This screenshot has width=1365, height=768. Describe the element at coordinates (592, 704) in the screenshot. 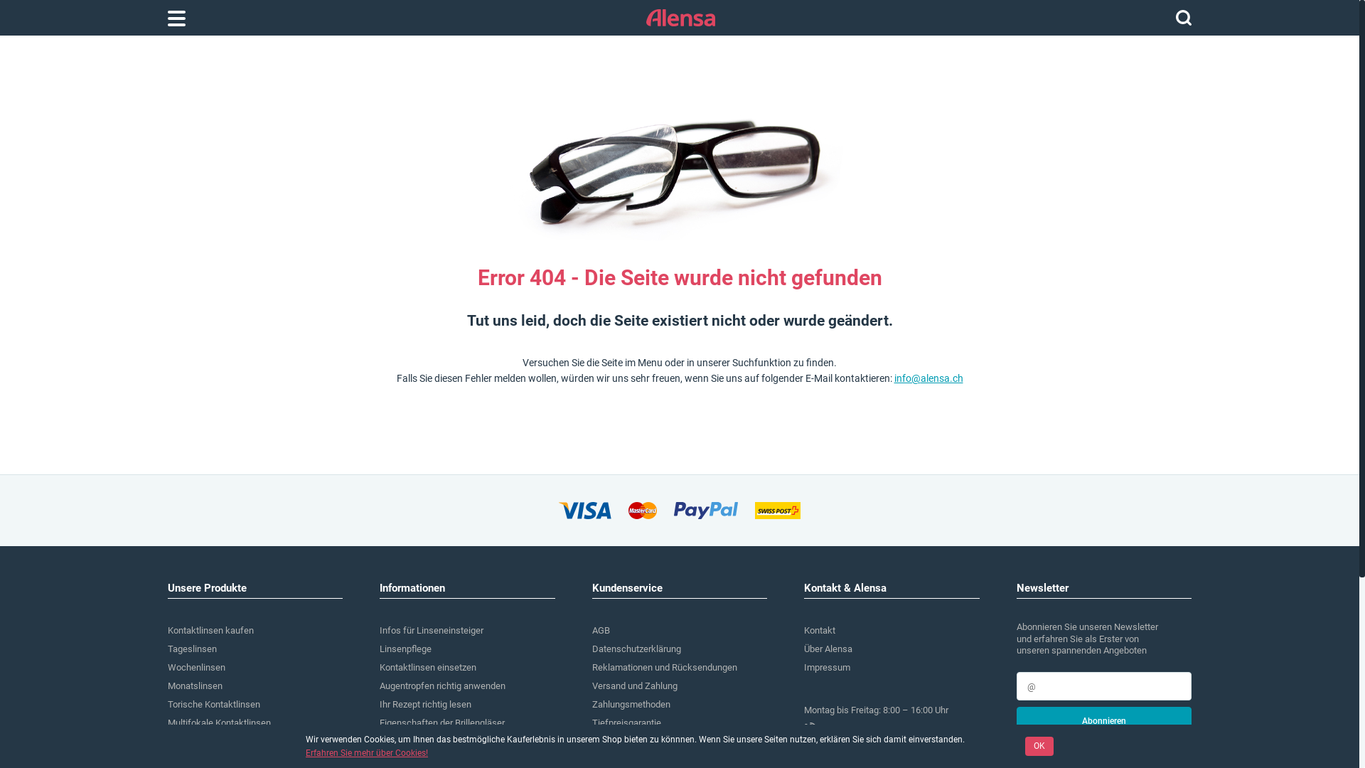

I see `'Zahlungsmethoden'` at that location.